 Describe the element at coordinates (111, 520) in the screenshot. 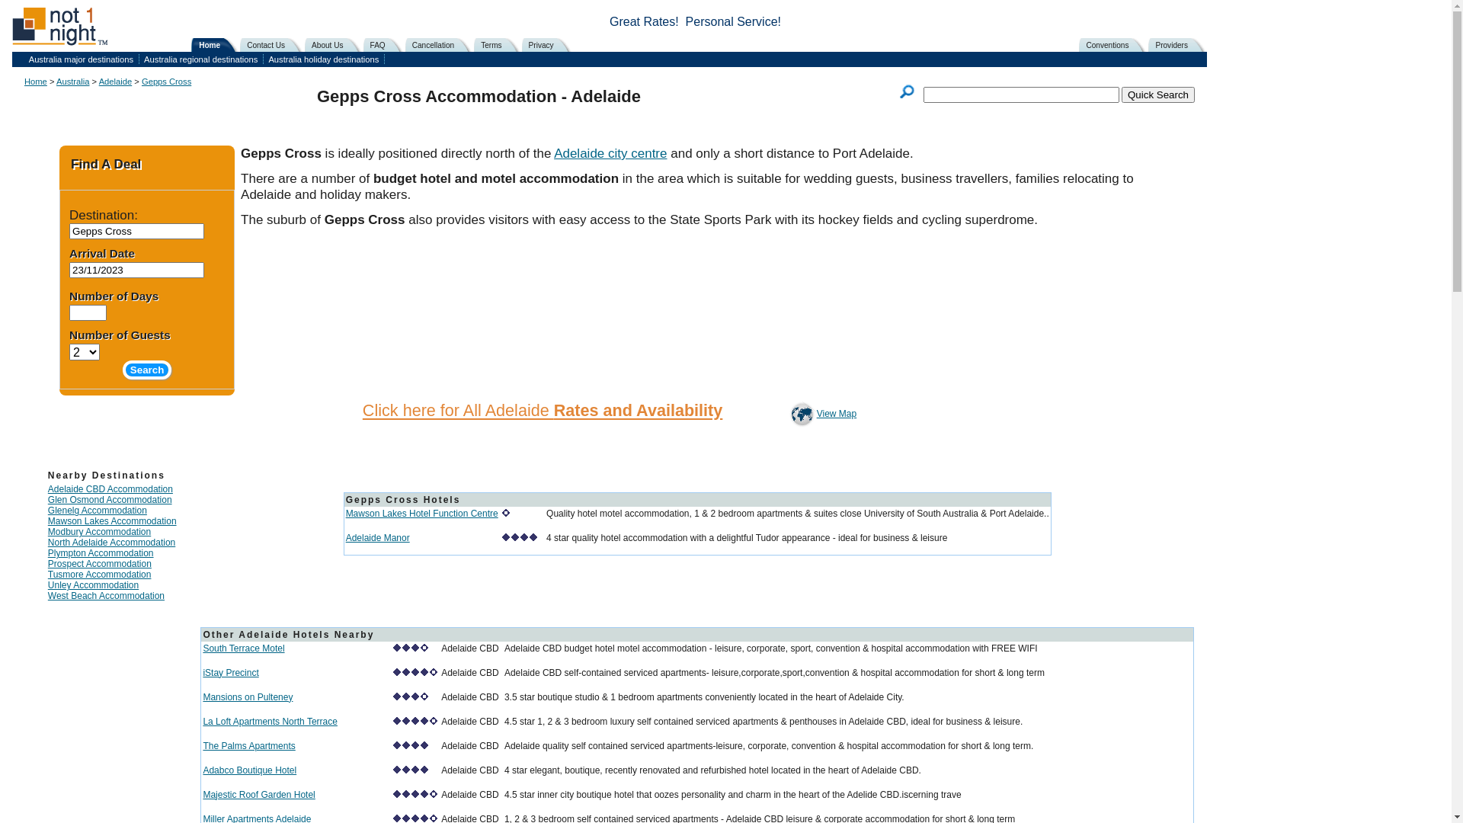

I see `'Mawson Lakes Accommodation'` at that location.